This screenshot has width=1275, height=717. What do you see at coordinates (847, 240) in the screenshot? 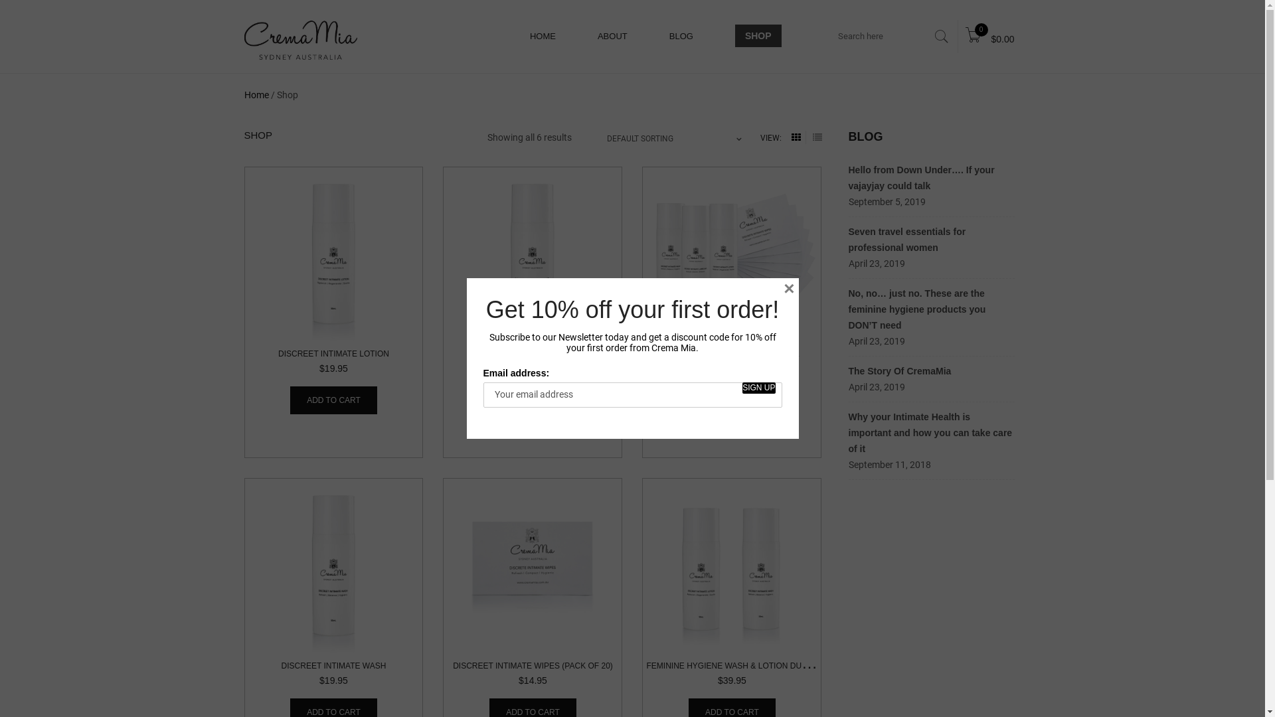
I see `'Seven travel essentials for professional women'` at bounding box center [847, 240].